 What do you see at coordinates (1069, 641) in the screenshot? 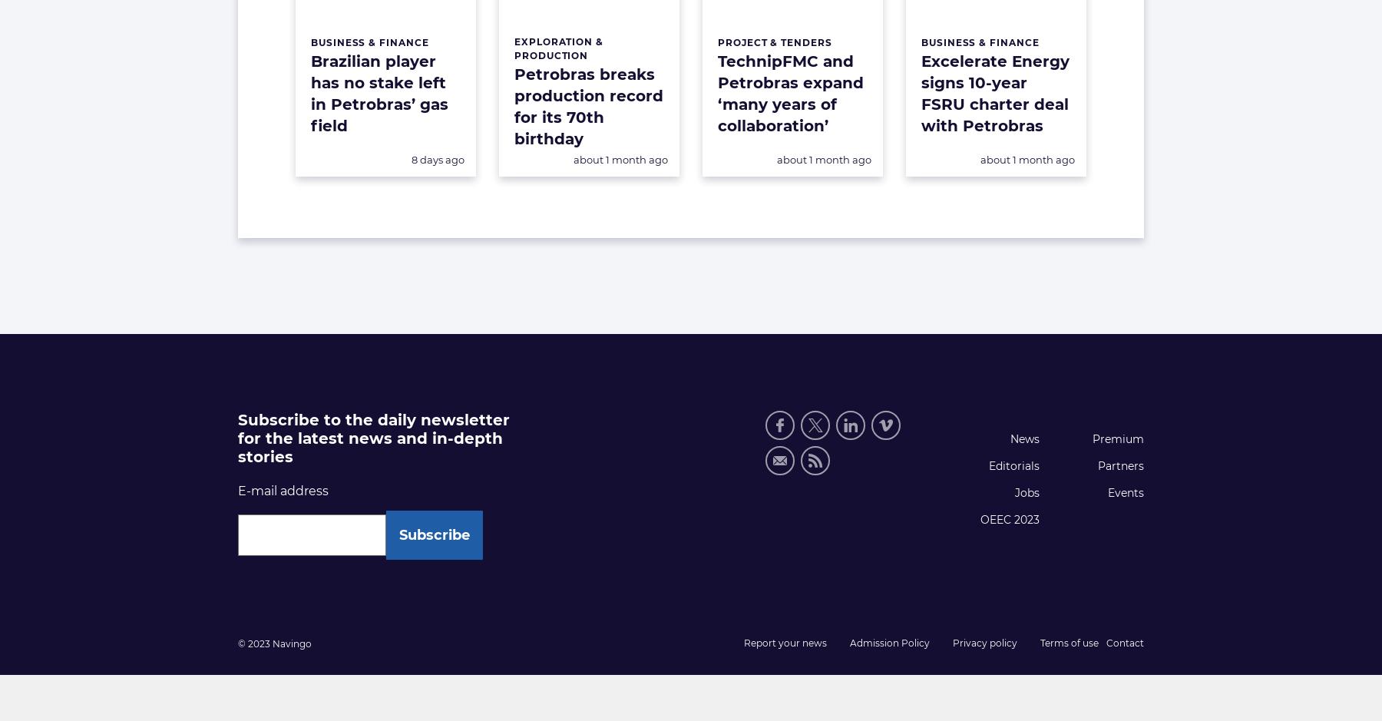
I see `'Terms of use'` at bounding box center [1069, 641].